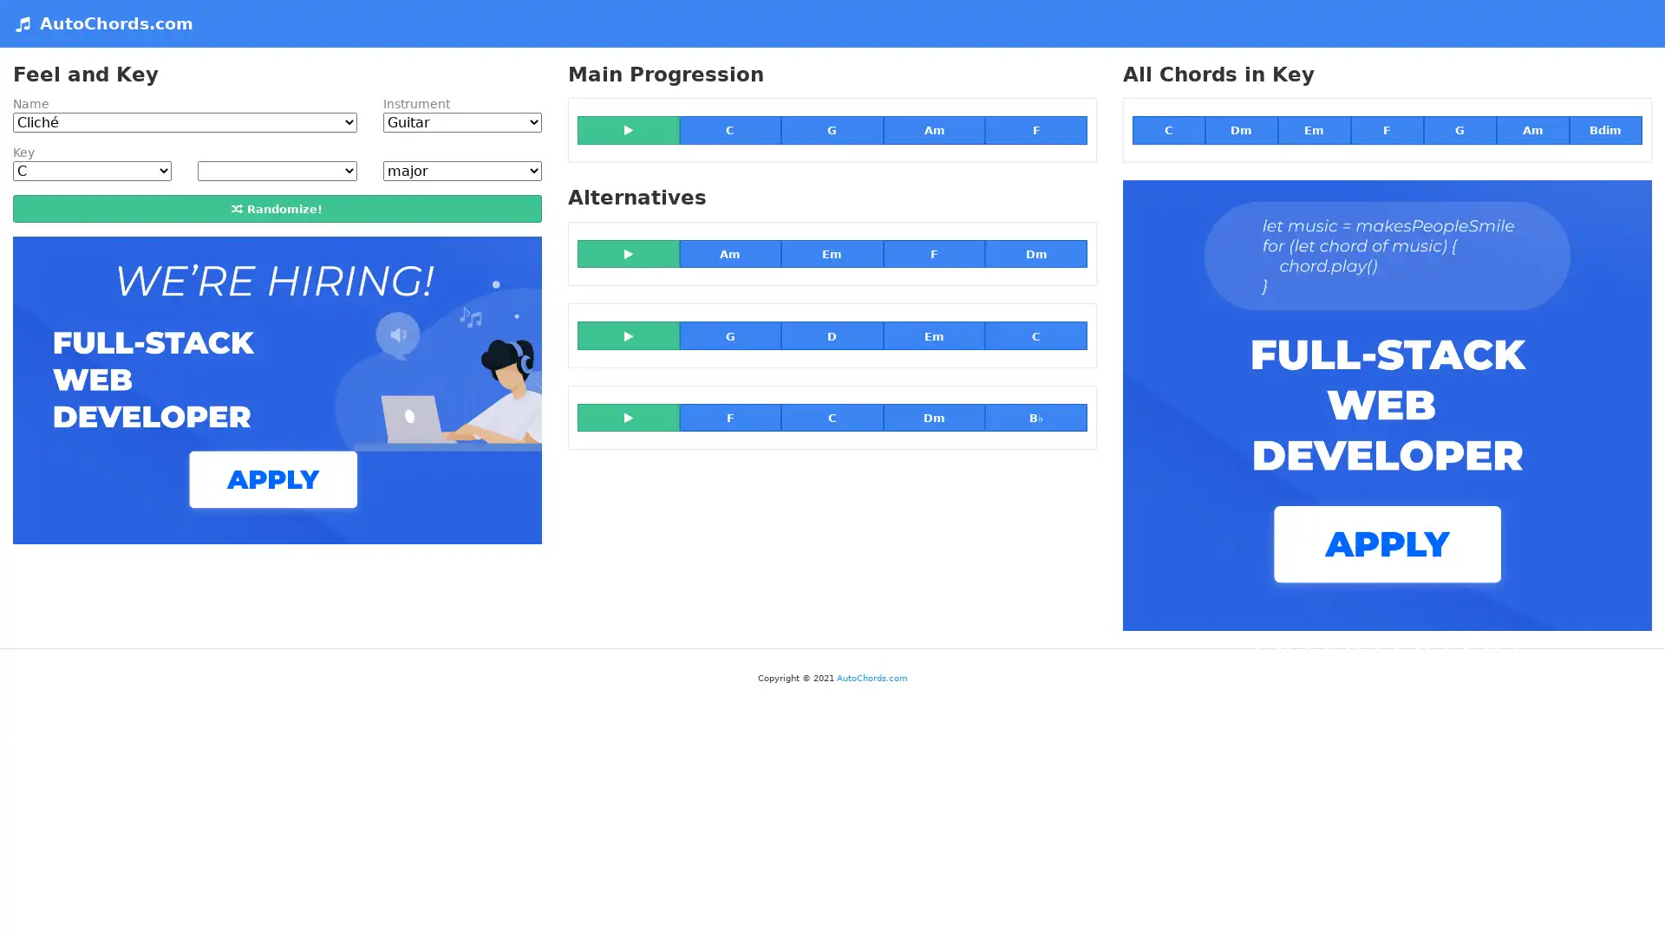 Image resolution: width=1665 pixels, height=936 pixels. Describe the element at coordinates (729, 335) in the screenshot. I see `G` at that location.